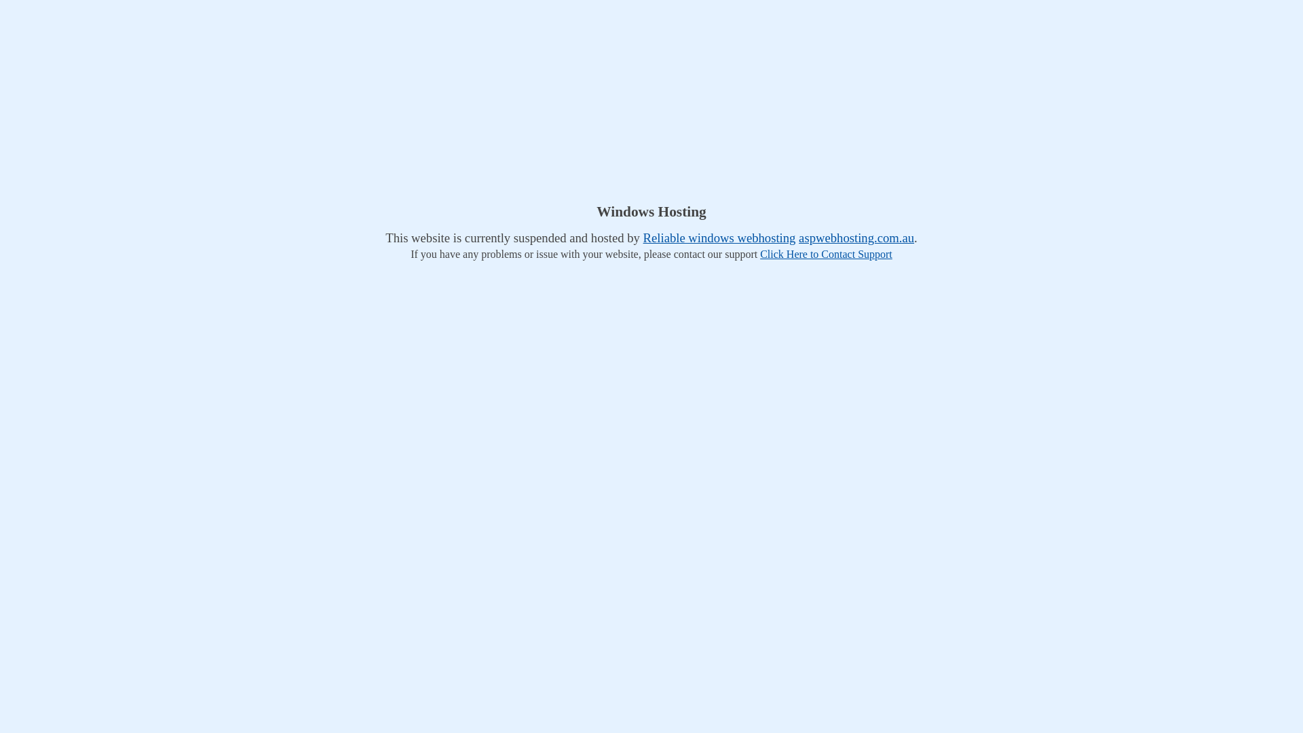 This screenshot has width=1303, height=733. Describe the element at coordinates (825, 254) in the screenshot. I see `'Click Here to Contact Support'` at that location.